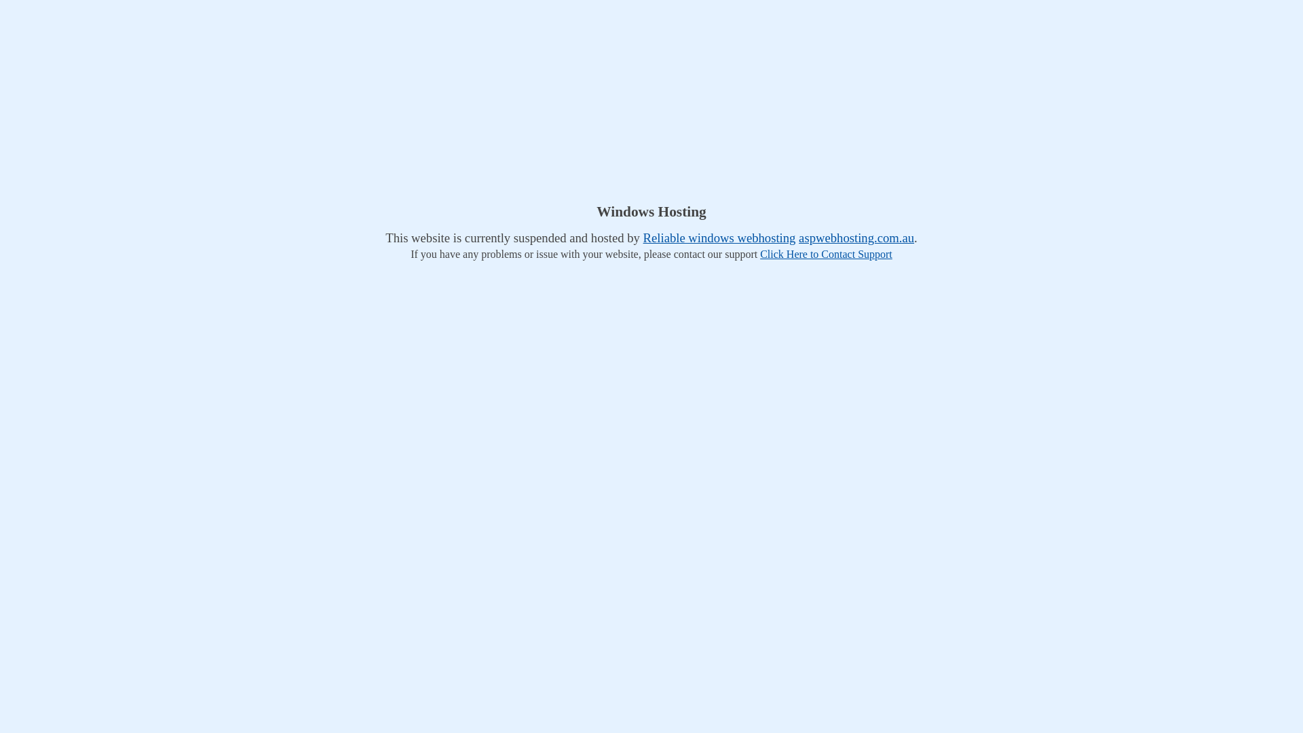 This screenshot has width=1303, height=733. Describe the element at coordinates (825, 254) in the screenshot. I see `'Click Here to Contact Support'` at that location.